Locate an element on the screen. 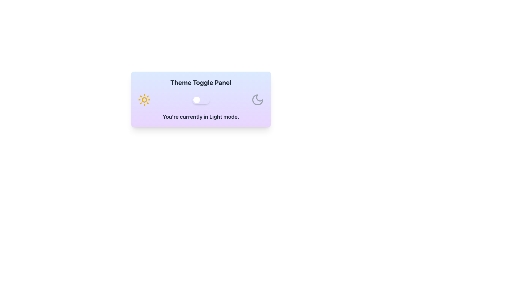 This screenshot has height=294, width=523. the text section displaying 'Theme Toggle Panel', which is bold and large, located at the top of the panel, centered horizontally is located at coordinates (200, 82).